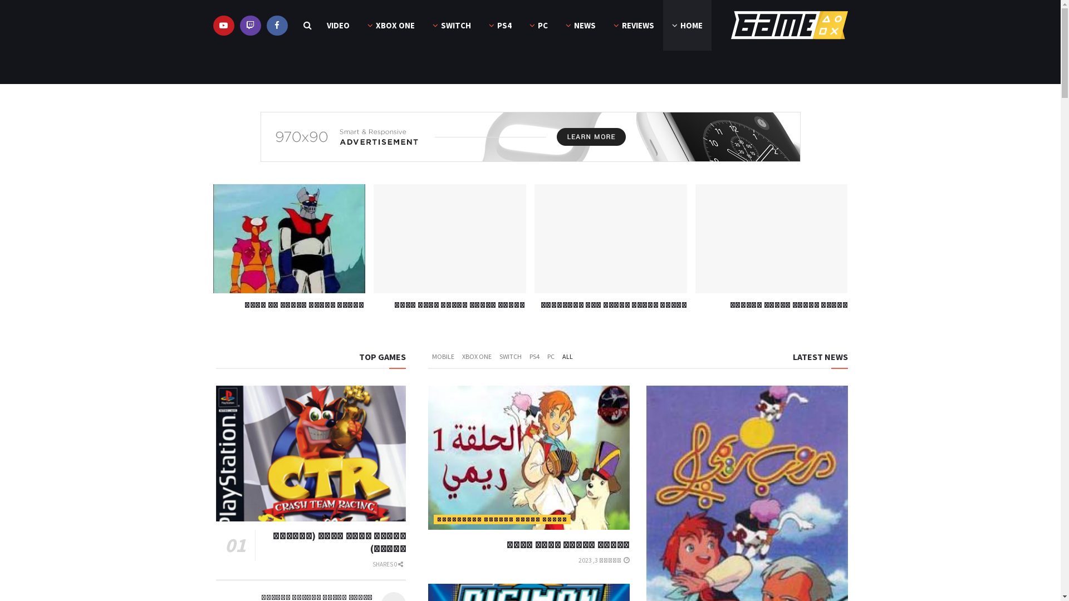 The width and height of the screenshot is (1069, 601). What do you see at coordinates (509, 356) in the screenshot?
I see `'SWITCH'` at bounding box center [509, 356].